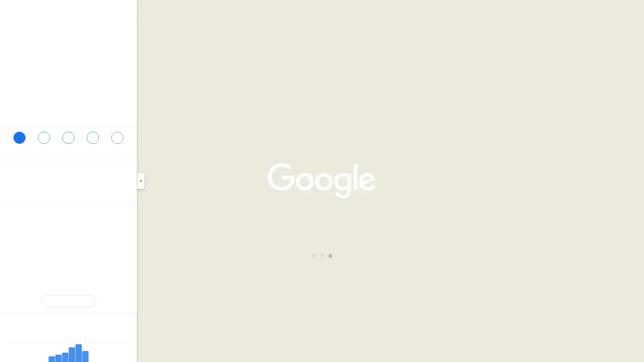 Image resolution: width=644 pixels, height=362 pixels. Describe the element at coordinates (10, 348) in the screenshot. I see `Go to the previous day` at that location.